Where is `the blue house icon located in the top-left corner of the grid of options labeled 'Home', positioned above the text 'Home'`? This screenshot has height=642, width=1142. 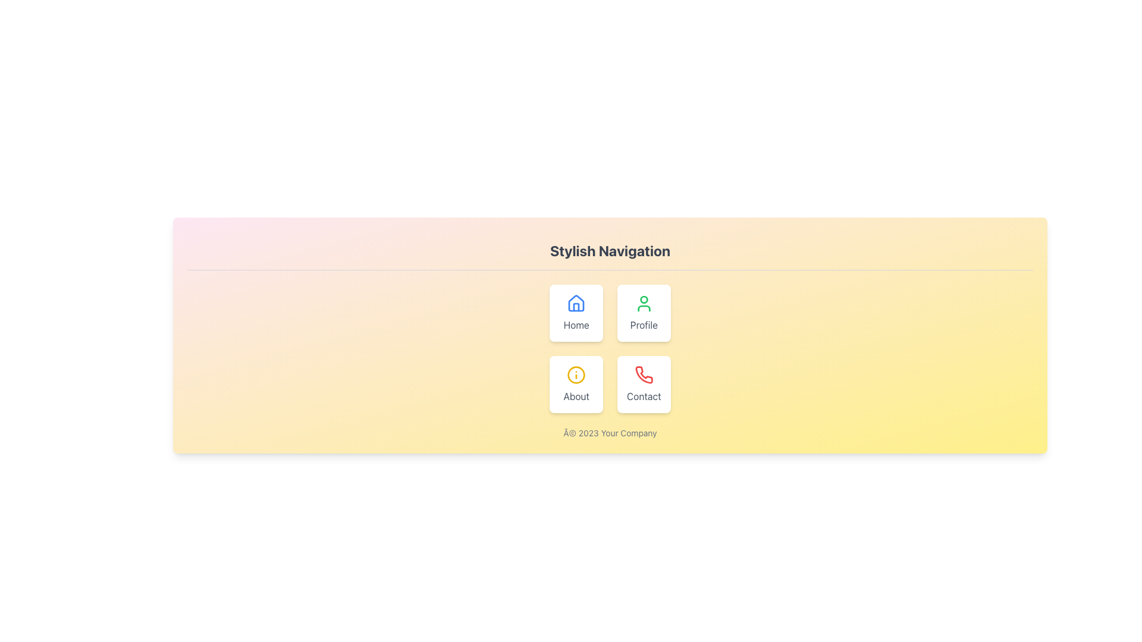 the blue house icon located in the top-left corner of the grid of options labeled 'Home', positioned above the text 'Home' is located at coordinates (576, 303).